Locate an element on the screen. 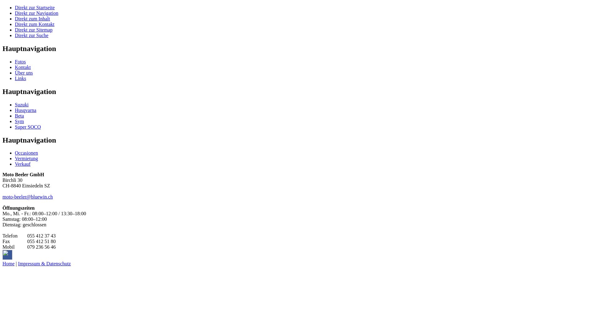  'Direkt zur Startseite' is located at coordinates (34, 7).